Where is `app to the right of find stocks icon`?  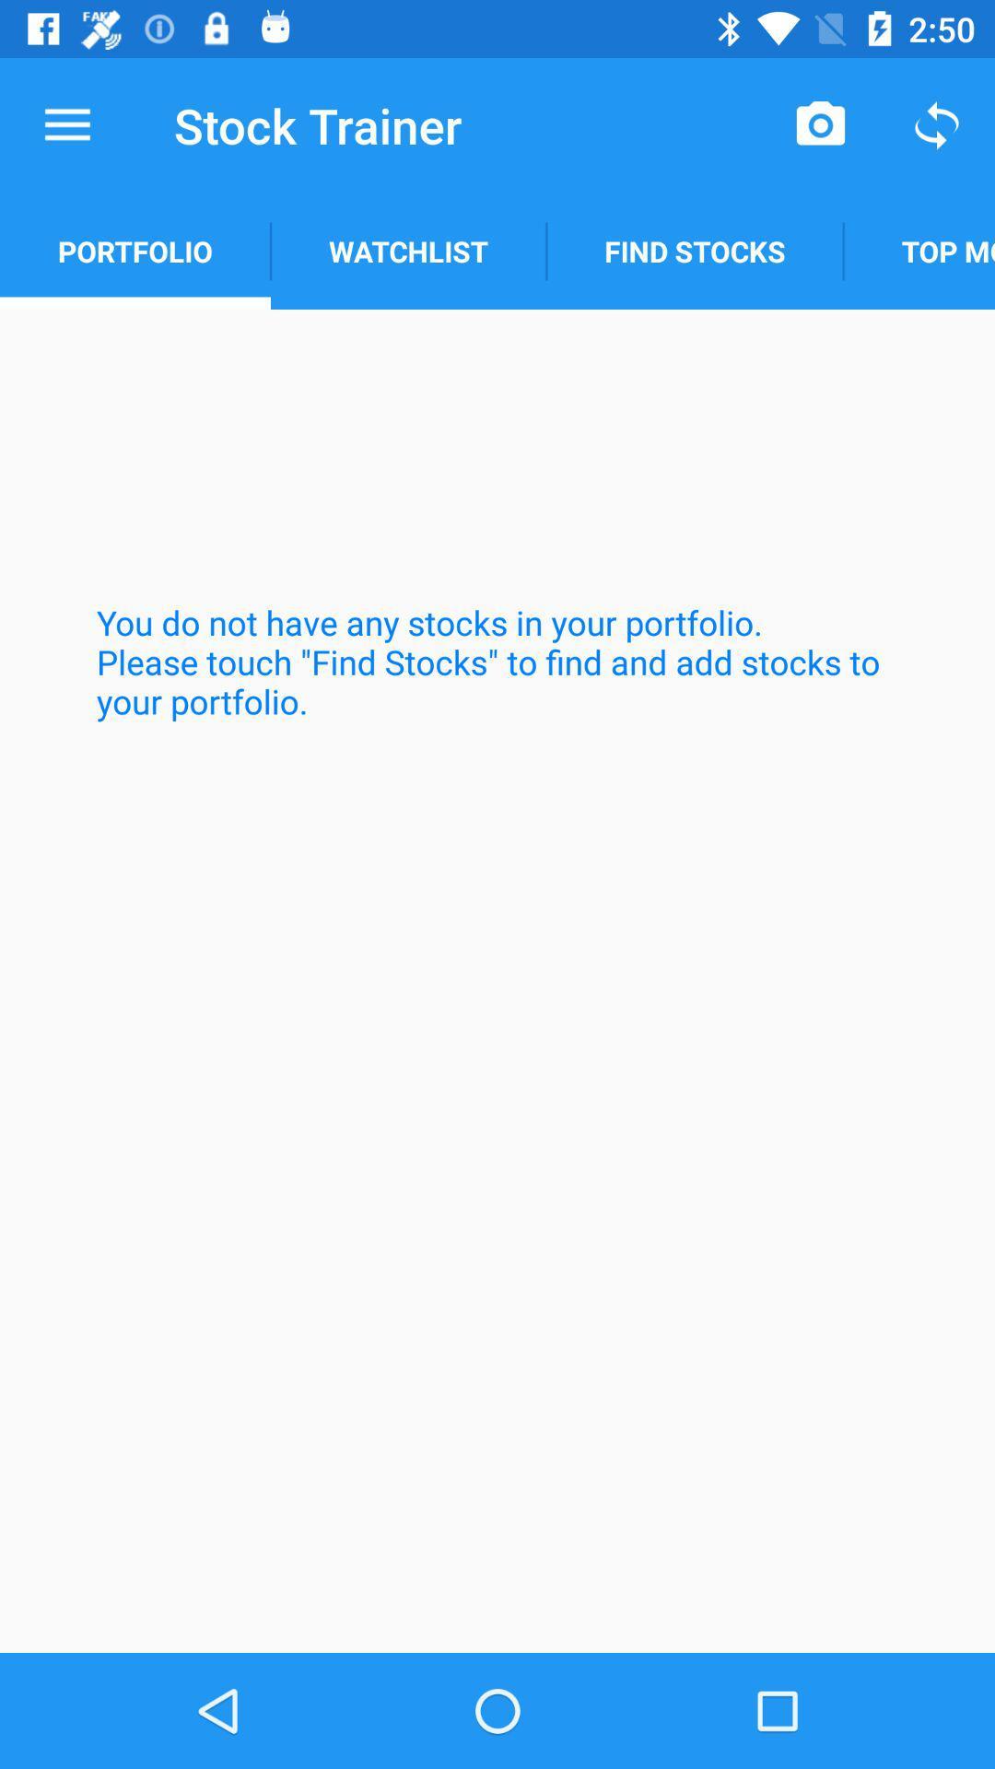 app to the right of find stocks icon is located at coordinates (919, 251).